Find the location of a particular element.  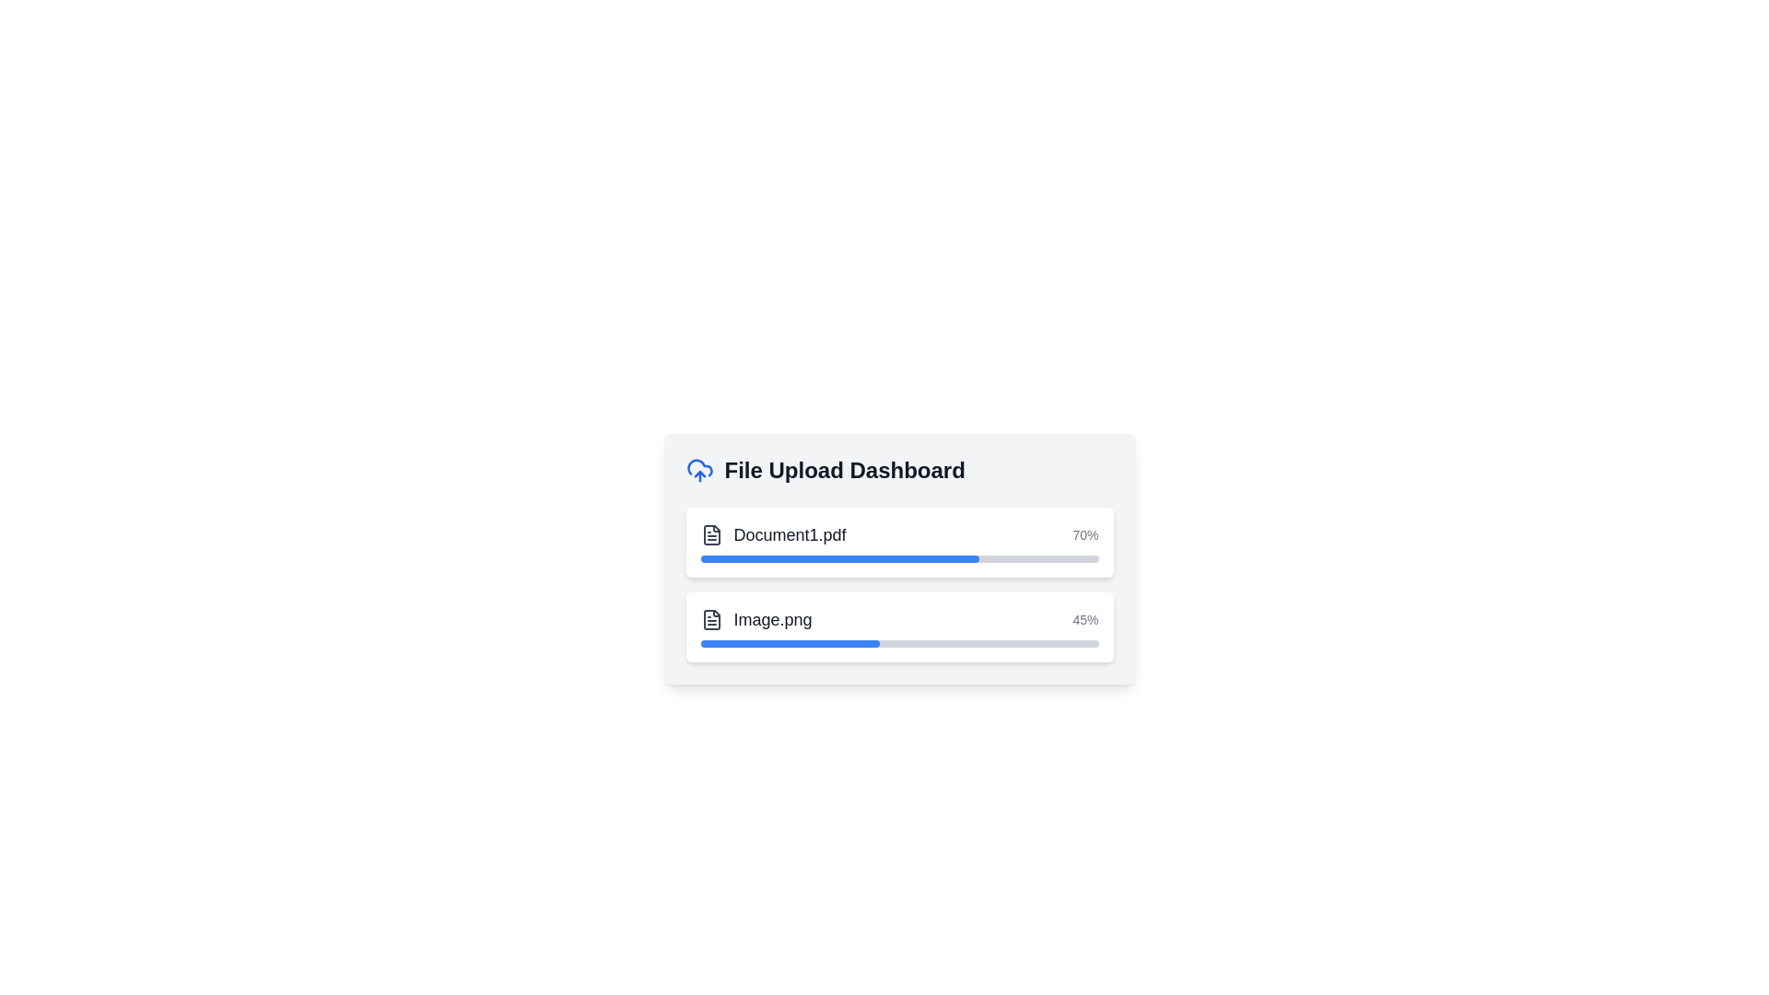

the icon representing the document entry for 'Document1.pdf' to inspect file details is located at coordinates (710, 535).